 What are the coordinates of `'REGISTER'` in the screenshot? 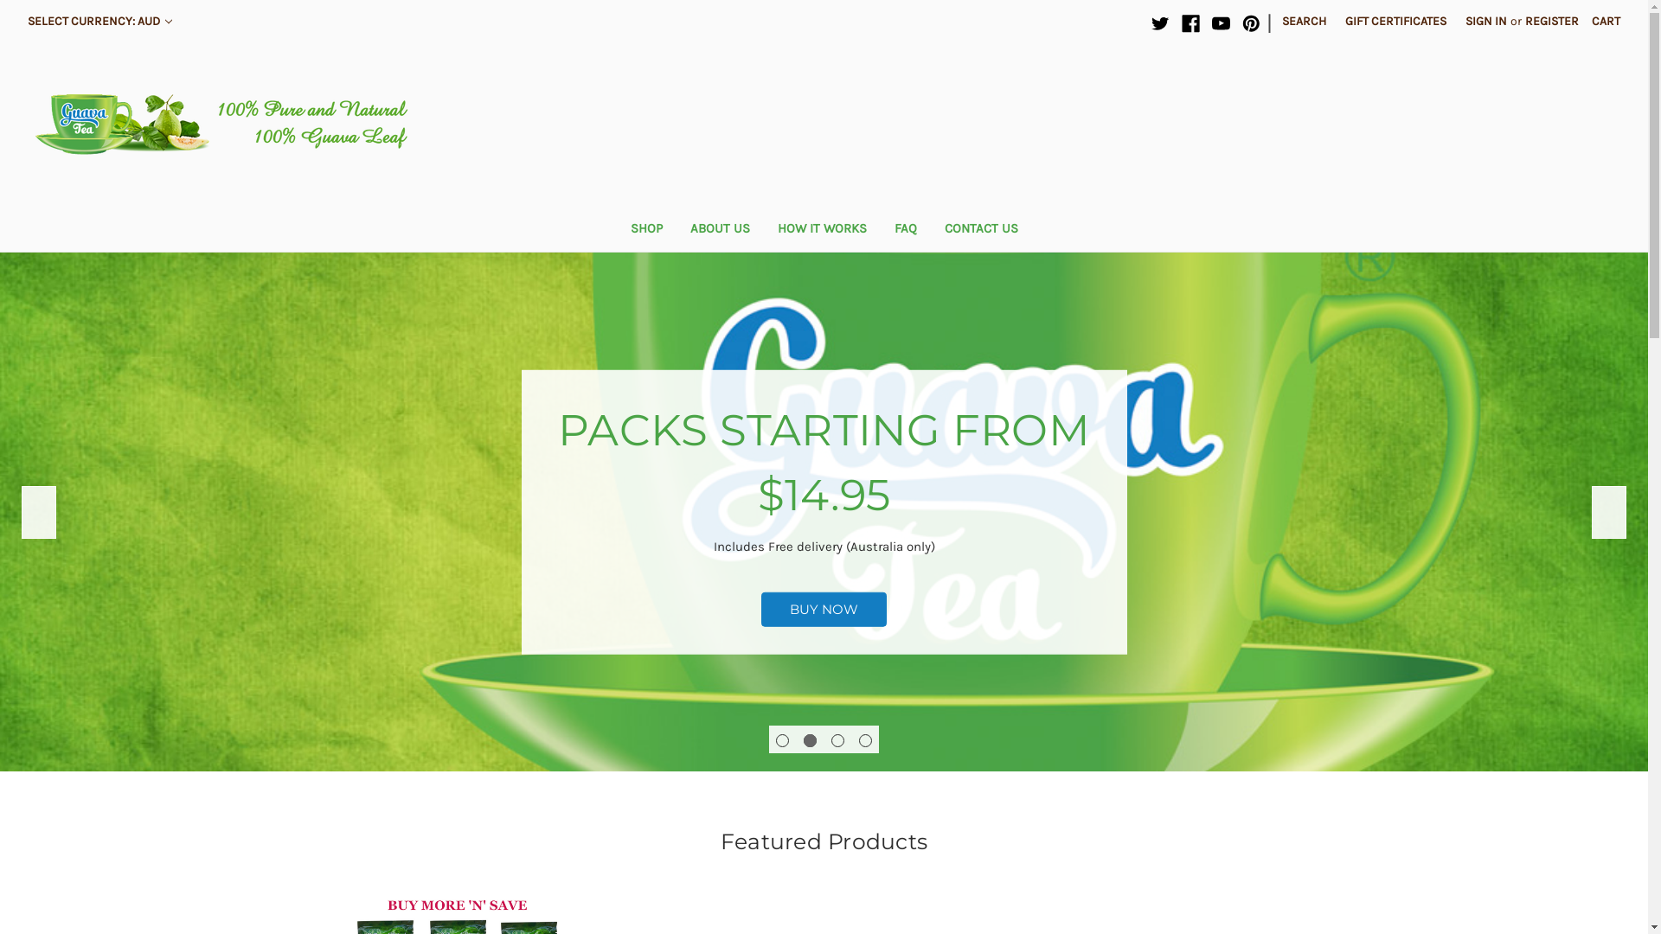 It's located at (1552, 21).